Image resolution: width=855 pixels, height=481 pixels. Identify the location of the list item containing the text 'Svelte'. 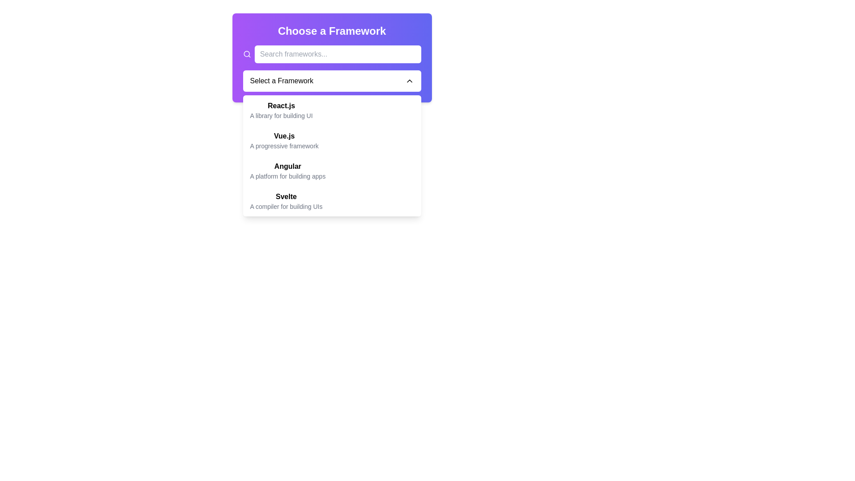
(286, 201).